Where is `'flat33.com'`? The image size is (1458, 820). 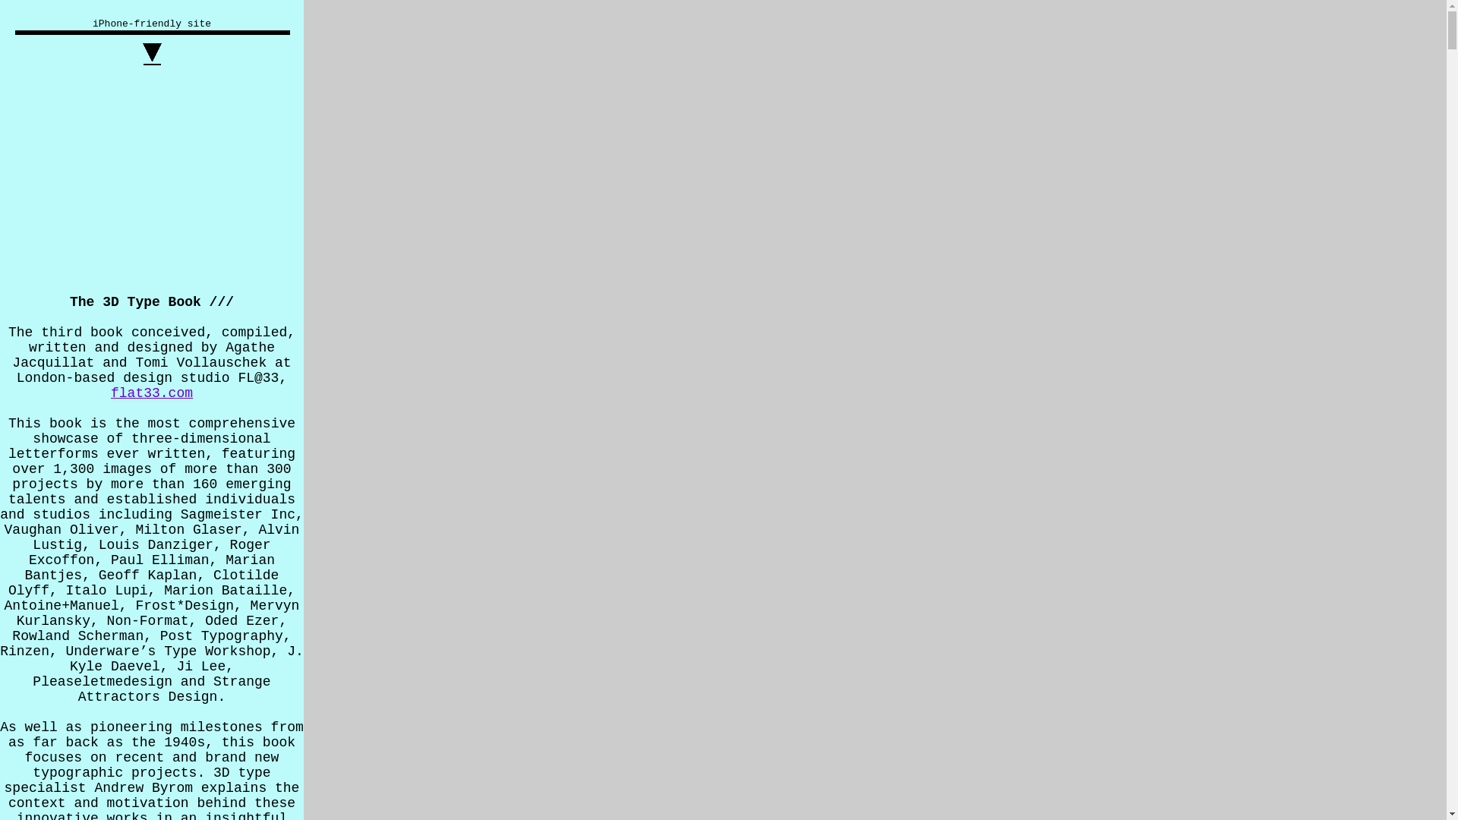 'flat33.com' is located at coordinates (152, 392).